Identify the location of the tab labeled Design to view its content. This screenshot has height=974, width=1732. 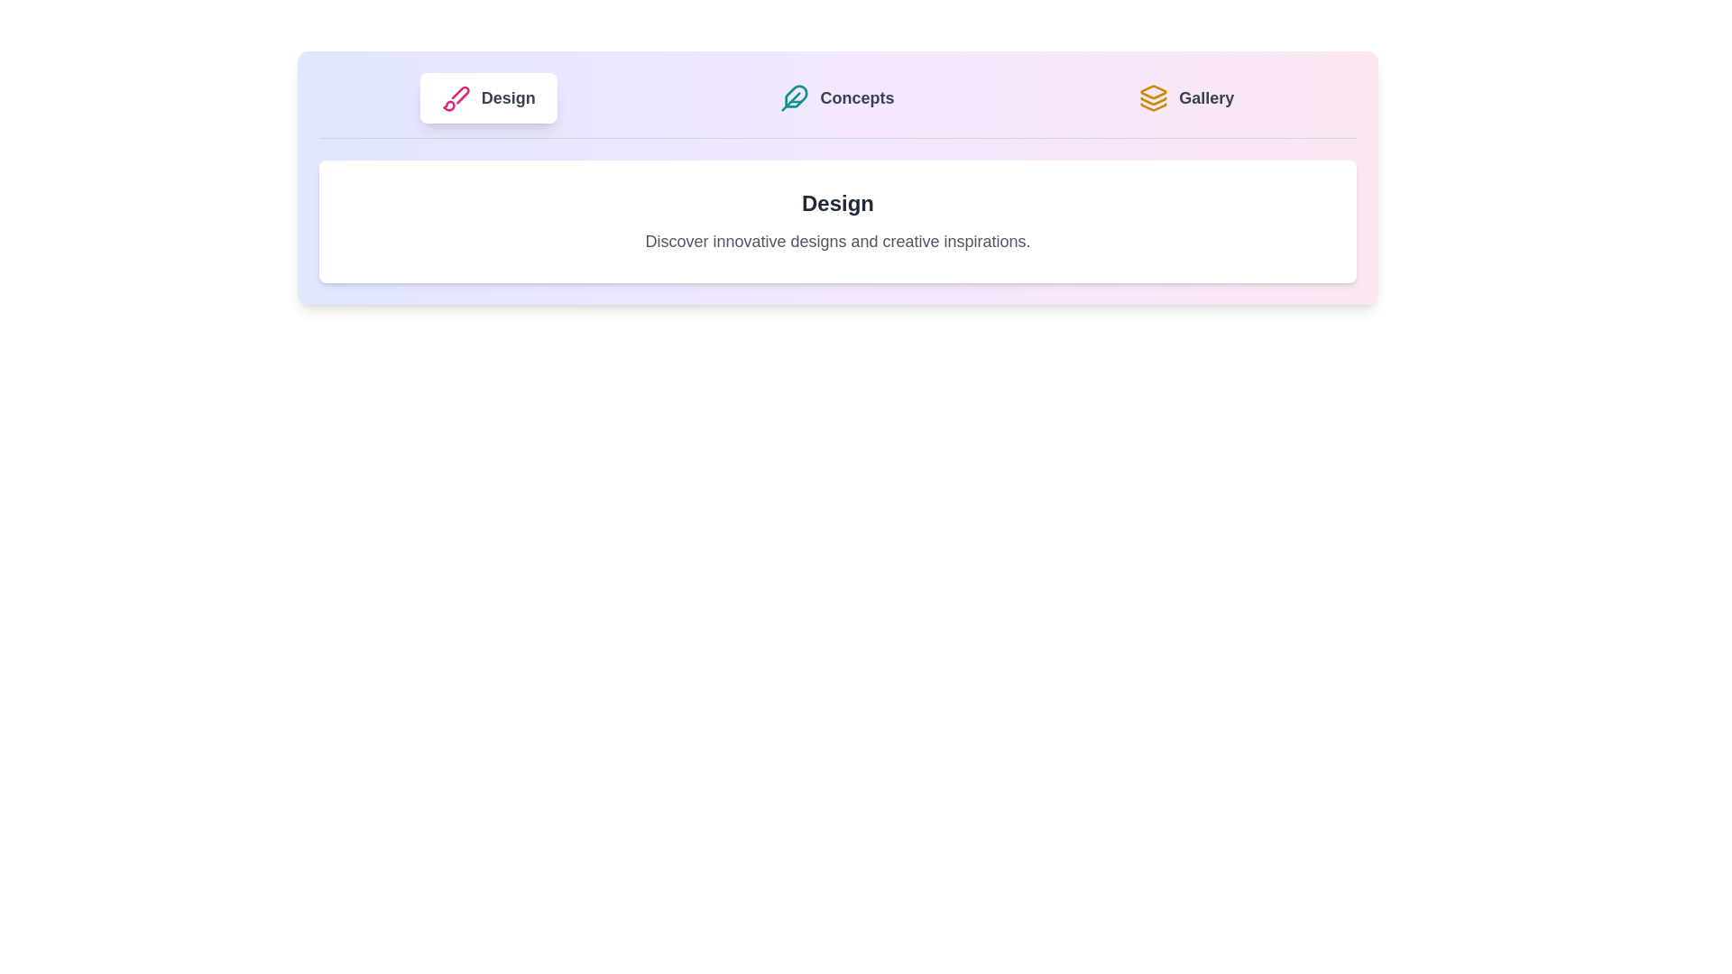
(488, 97).